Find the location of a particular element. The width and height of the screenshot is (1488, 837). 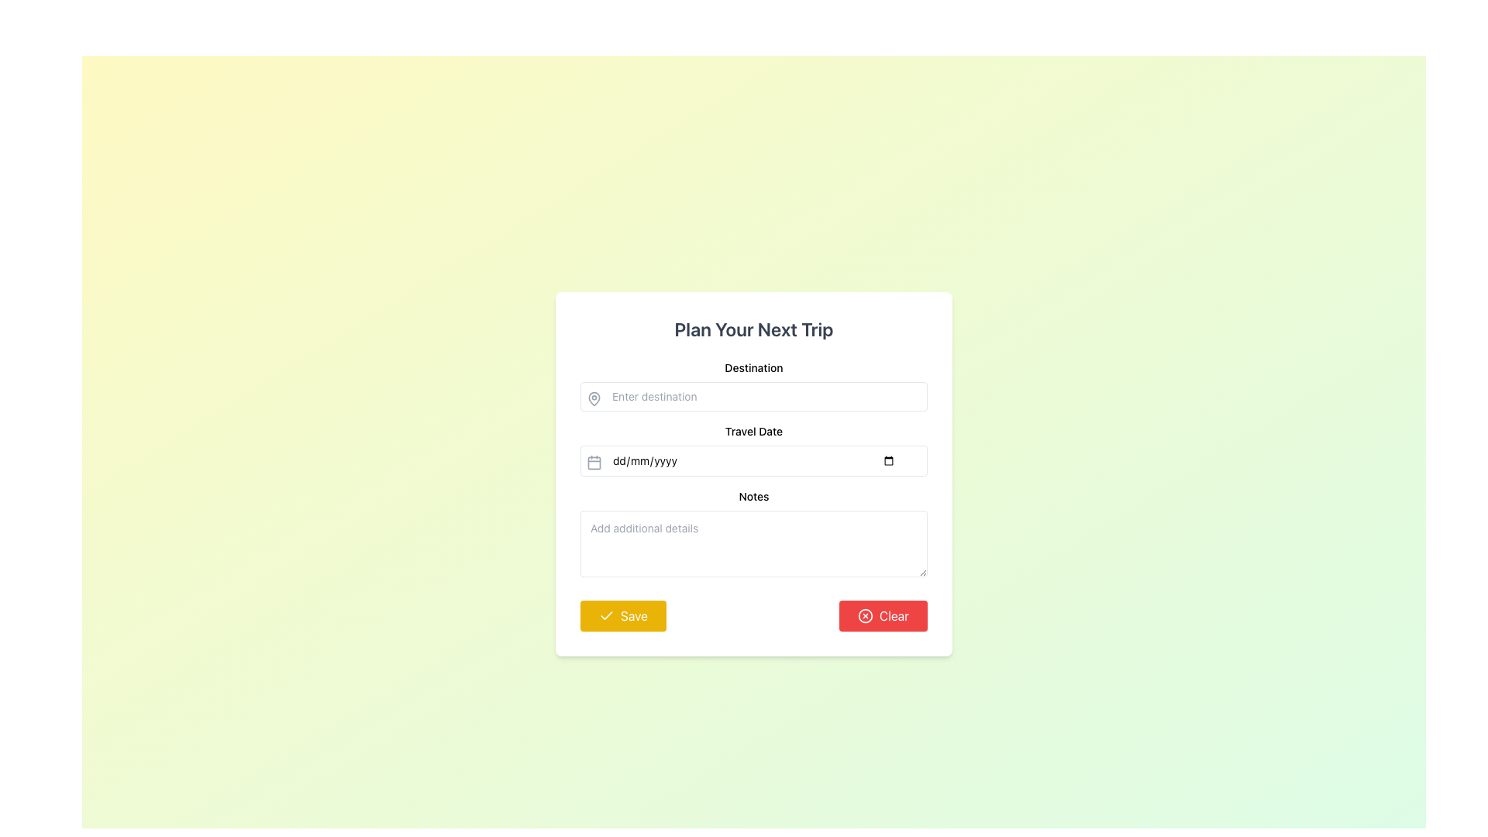

the 'Notes' text label, which is styled with block typography in medium bold font, located above the text area input in the lower section of the form is located at coordinates (754, 496).